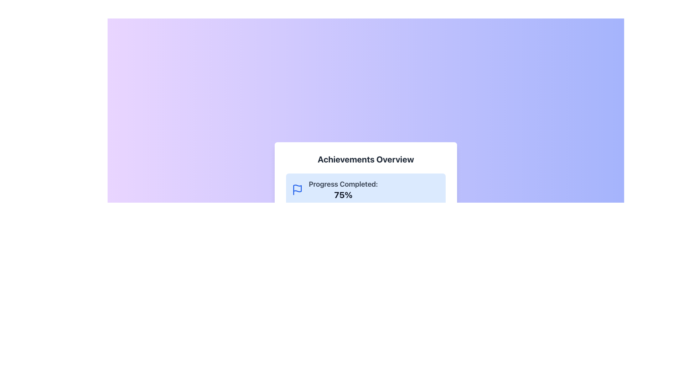  What do you see at coordinates (343, 183) in the screenshot?
I see `the Text Label that reads 'Progress Completed:' styled in a bold, large font within the 'Achievements Overview' card` at bounding box center [343, 183].